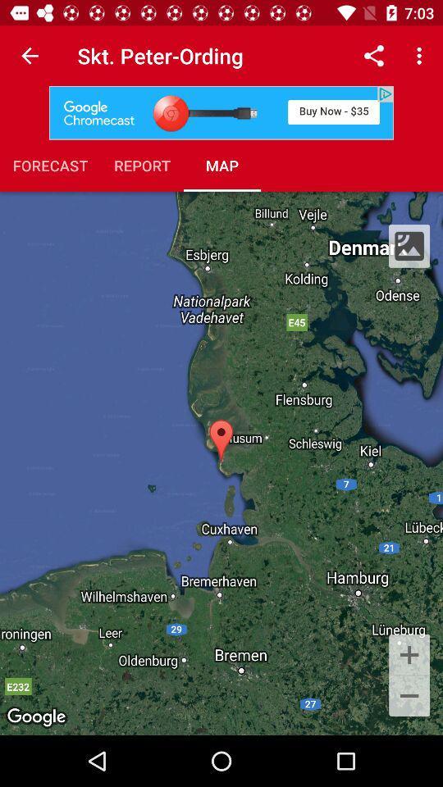 This screenshot has height=787, width=443. What do you see at coordinates (221, 111) in the screenshot?
I see `selection of an advertisement` at bounding box center [221, 111].